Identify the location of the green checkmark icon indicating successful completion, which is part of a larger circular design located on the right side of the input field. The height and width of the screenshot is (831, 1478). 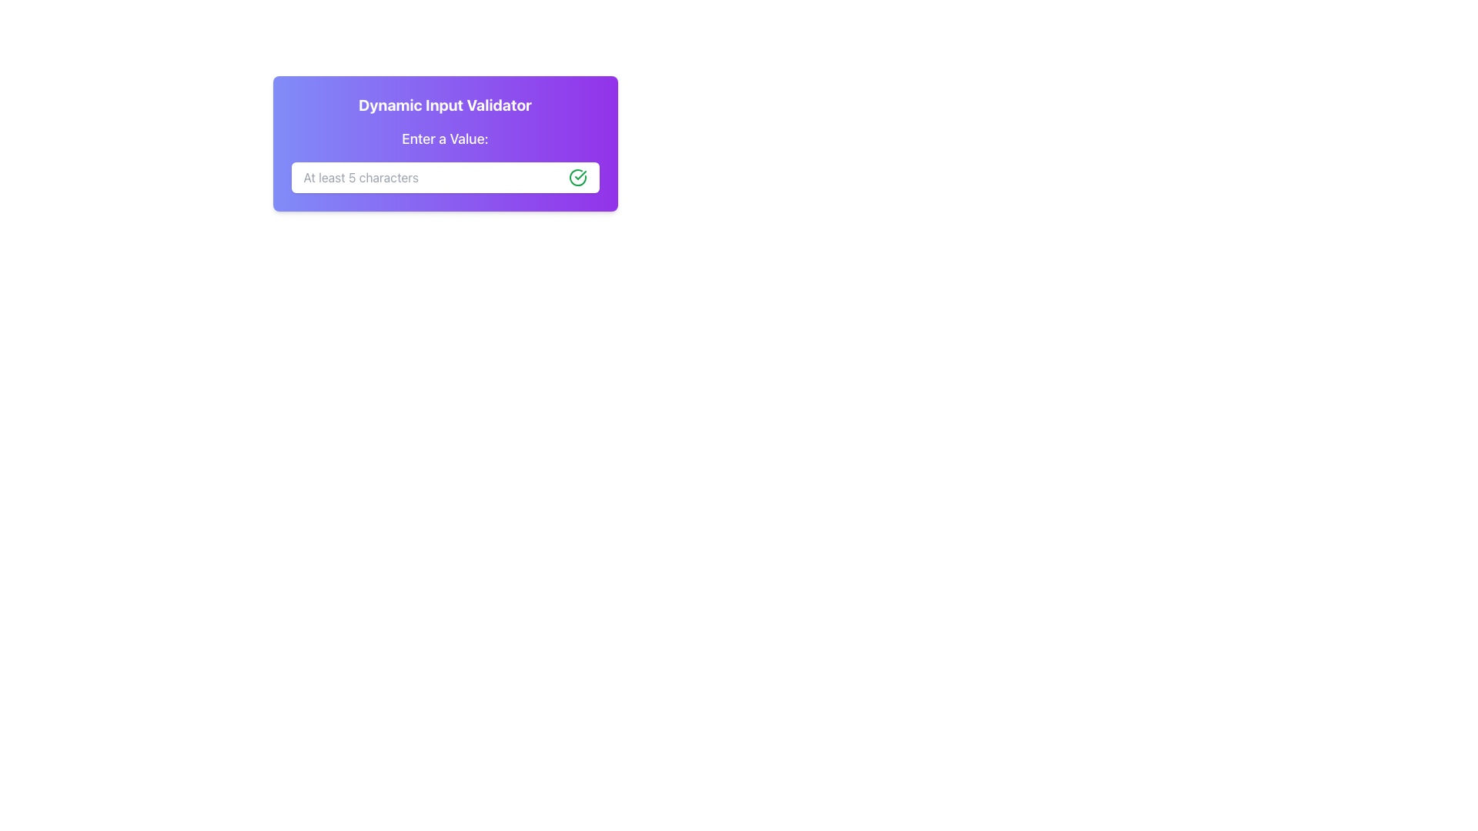
(579, 174).